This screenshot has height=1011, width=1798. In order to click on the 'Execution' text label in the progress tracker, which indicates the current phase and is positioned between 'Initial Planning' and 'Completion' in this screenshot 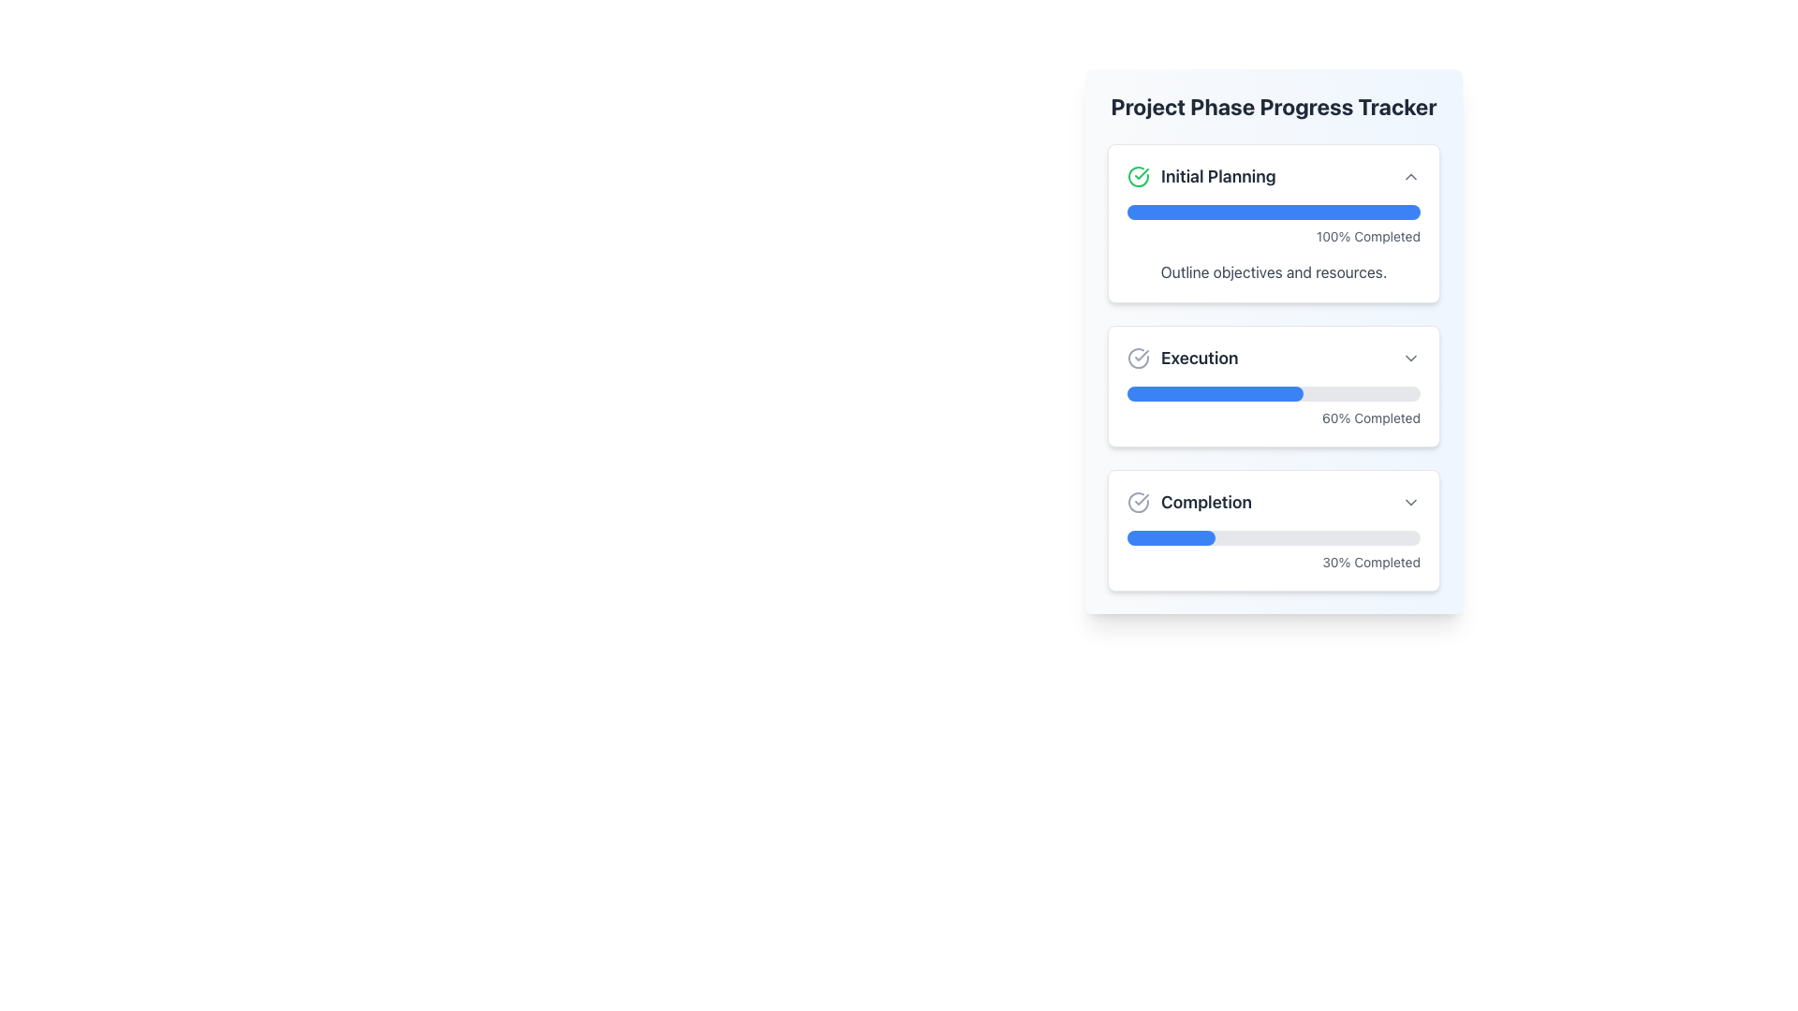, I will do `click(1182, 358)`.